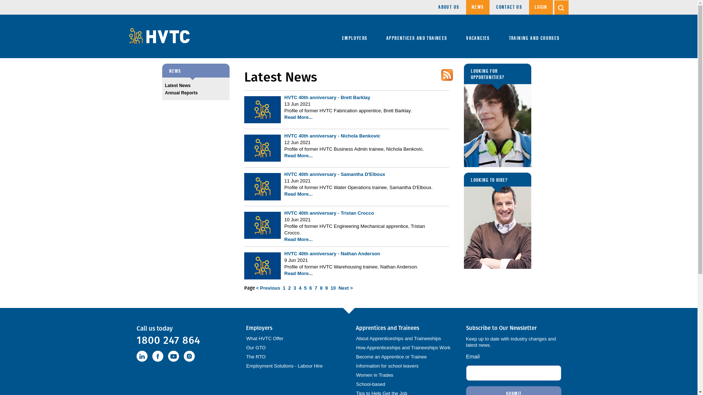 Image resolution: width=703 pixels, height=395 pixels. Describe the element at coordinates (264, 338) in the screenshot. I see `'What HVTC Offer'` at that location.